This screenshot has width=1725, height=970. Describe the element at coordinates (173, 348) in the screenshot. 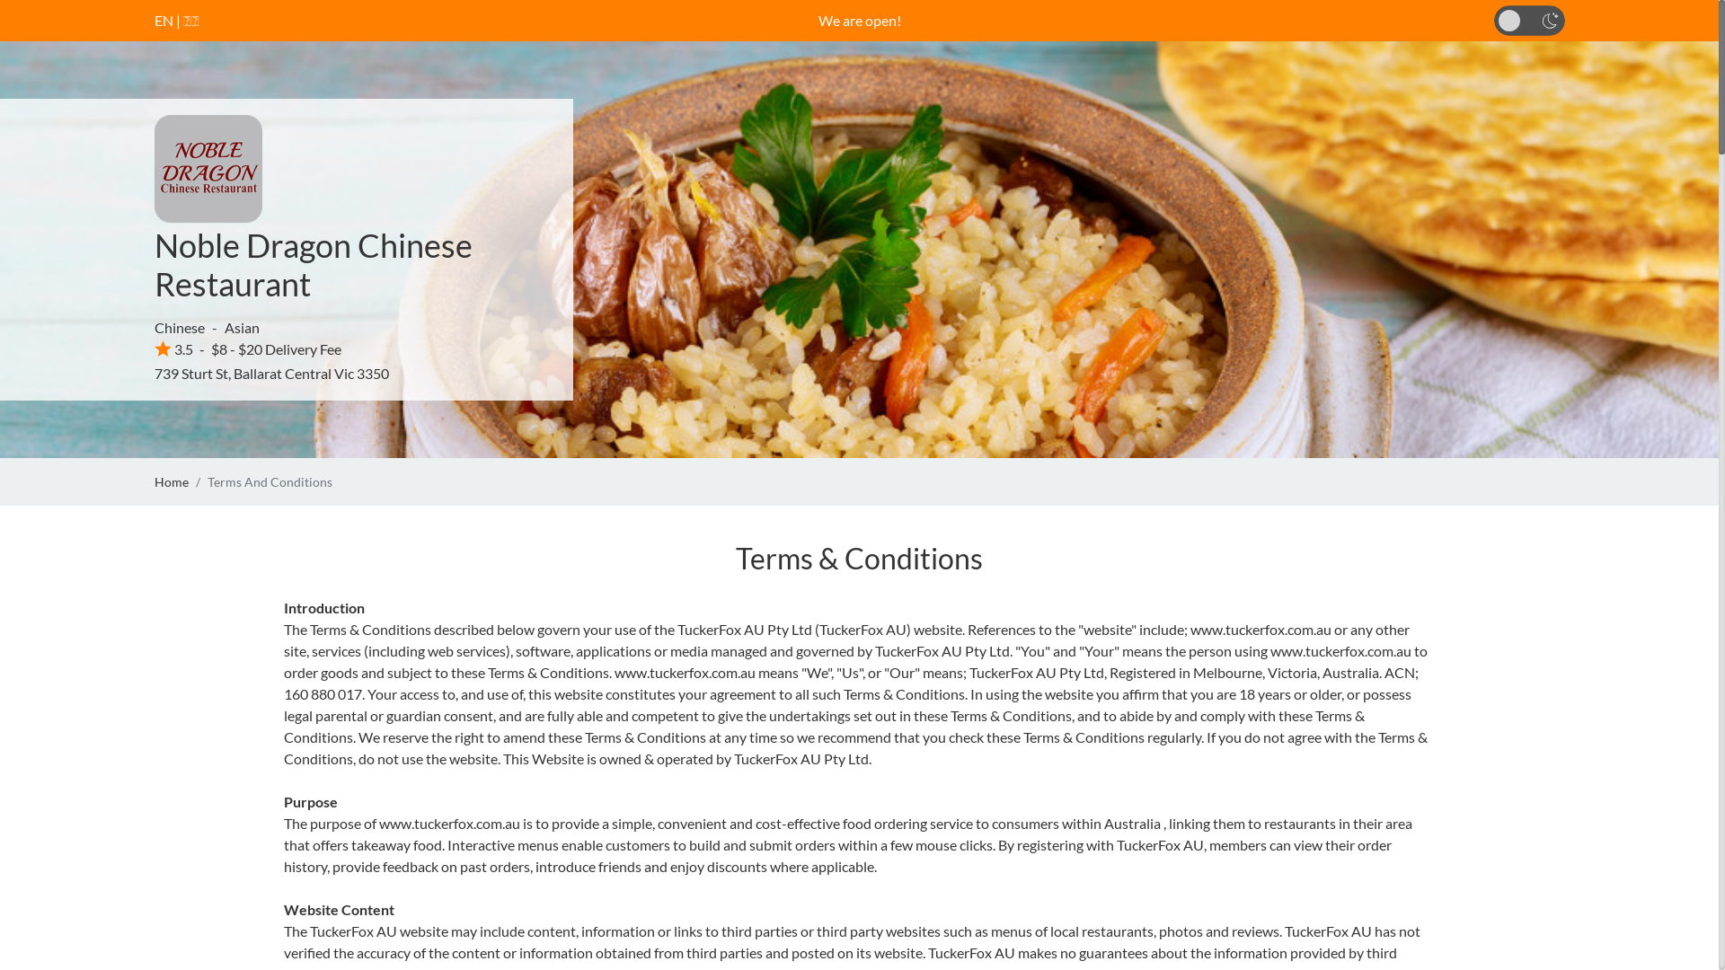

I see `'3.5'` at that location.